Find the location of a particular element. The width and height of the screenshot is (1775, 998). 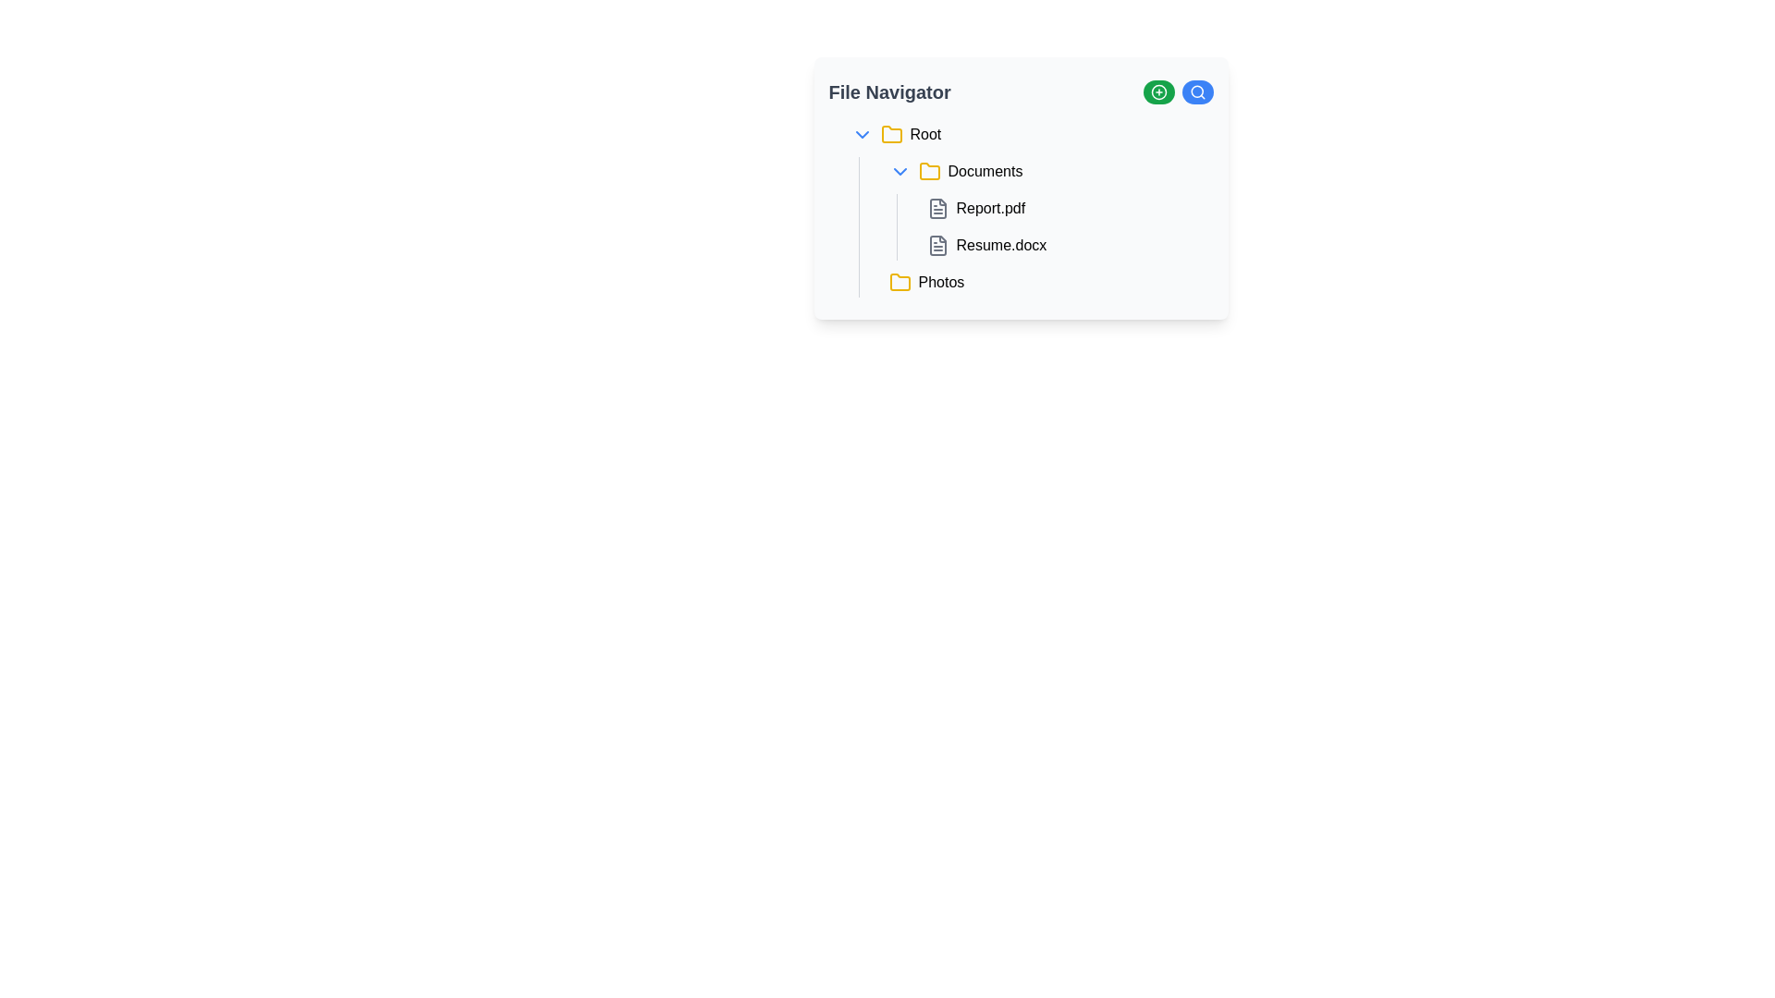

the yellow folder icon located in the file navigator interface next to the text 'Root' is located at coordinates (891, 134).